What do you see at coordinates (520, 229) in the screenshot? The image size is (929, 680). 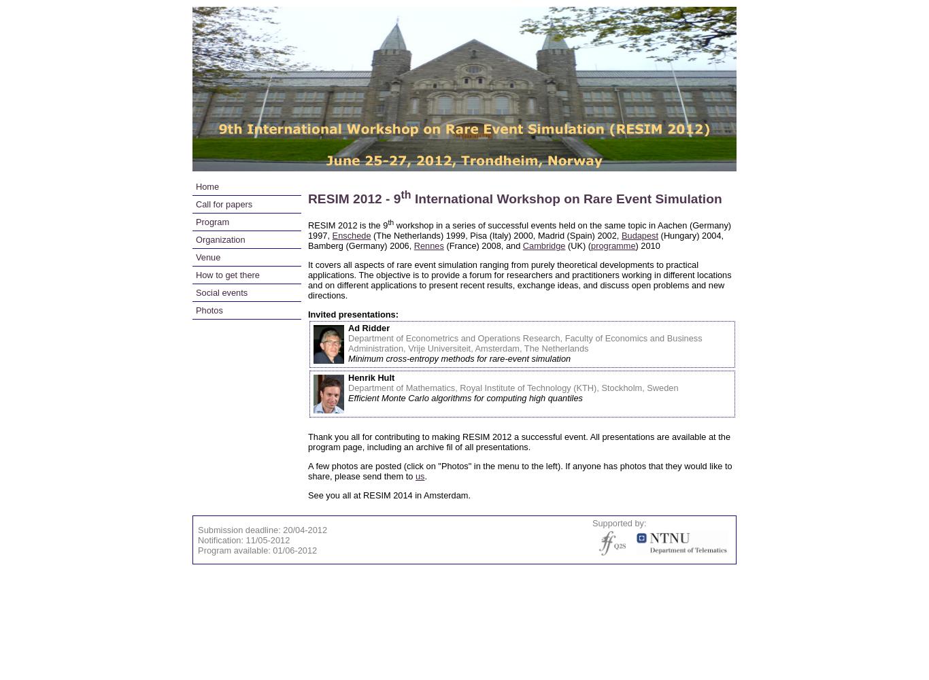 I see `'workshop in a series of successful events held on the same topic in Aachen (Germany) 1997,'` at bounding box center [520, 229].